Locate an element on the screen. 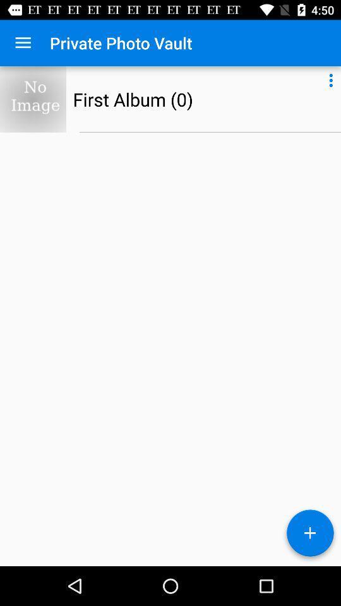  item to the right of first album (0) is located at coordinates (331, 78).